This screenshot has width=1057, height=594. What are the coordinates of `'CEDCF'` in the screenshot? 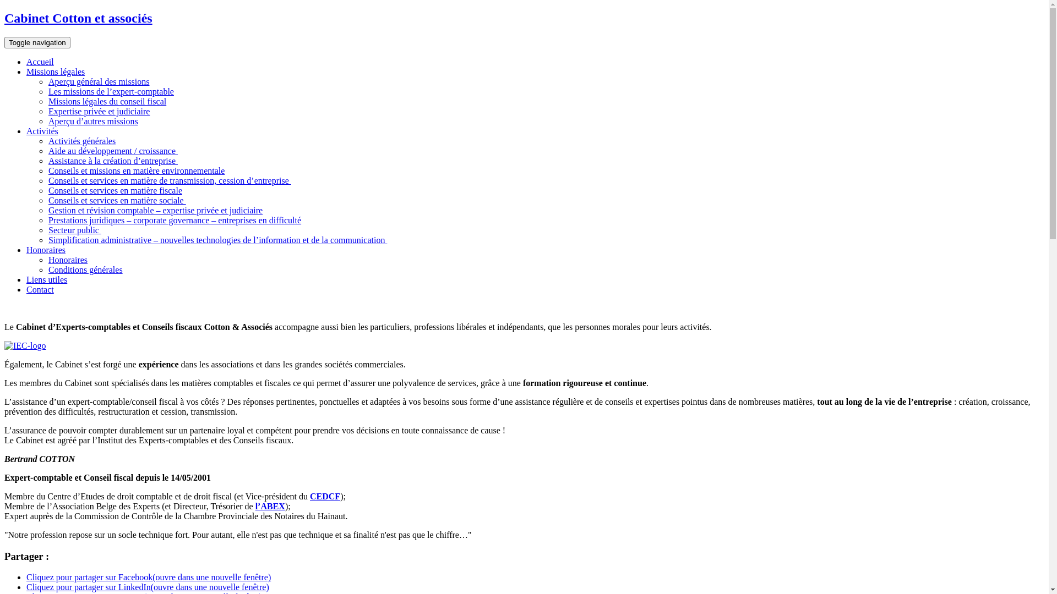 It's located at (309, 496).